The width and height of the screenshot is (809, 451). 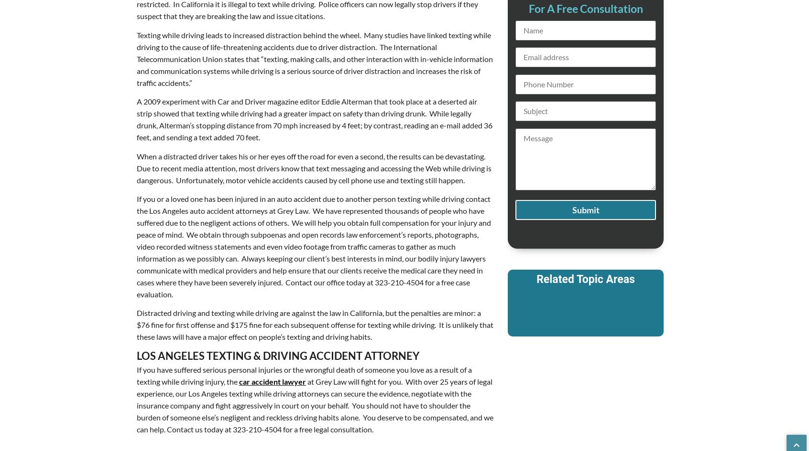 What do you see at coordinates (136, 167) in the screenshot?
I see `'When a distracted driver takes his or her eyes off the road for even a second, the results can be devastating.  Due to recent media attention, most drivers know that text messaging and accessing the Web while driving is dangerous.  Unfortunately, motor vehicle accidents caused by cell phone use and texting still happen.'` at bounding box center [136, 167].